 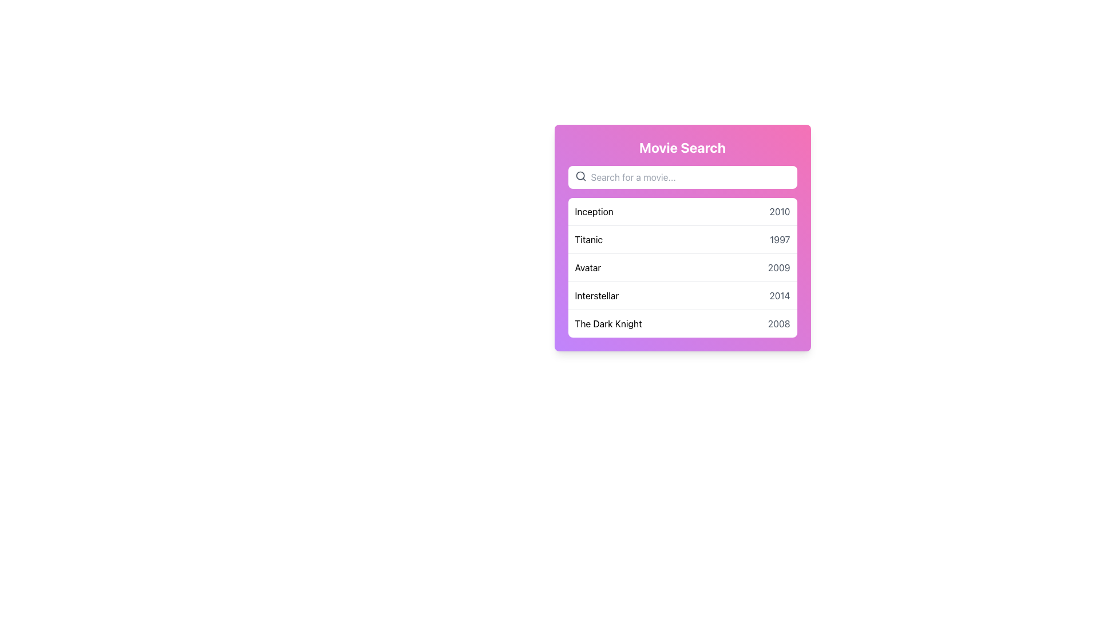 What do you see at coordinates (779, 295) in the screenshot?
I see `the numeric text label '2014' styled in gray color, which is located to the right of the list item labeled 'Interstellar' in the movie search results` at bounding box center [779, 295].